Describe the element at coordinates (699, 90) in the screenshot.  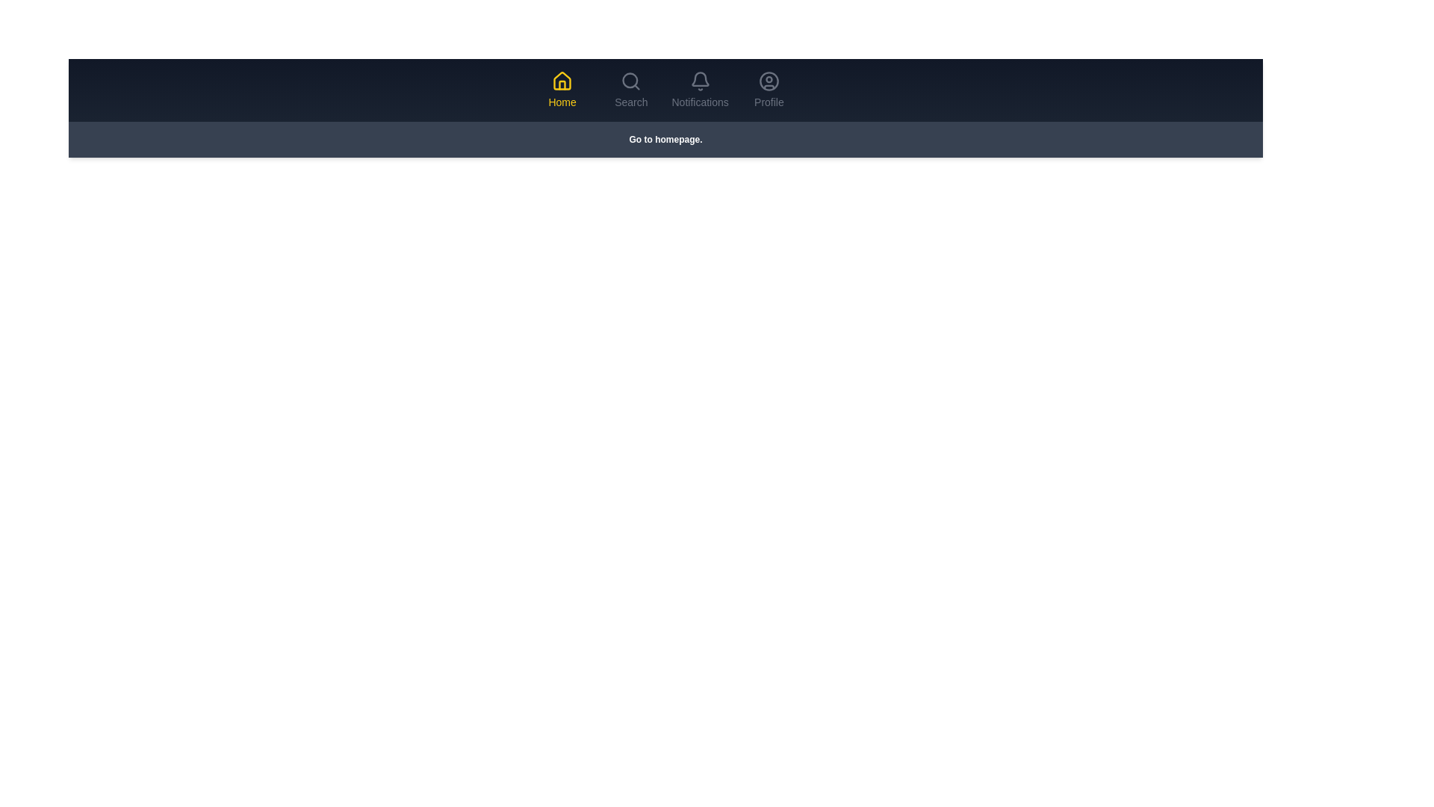
I see `the tab labeled Notifications to preview its hover effect` at that location.